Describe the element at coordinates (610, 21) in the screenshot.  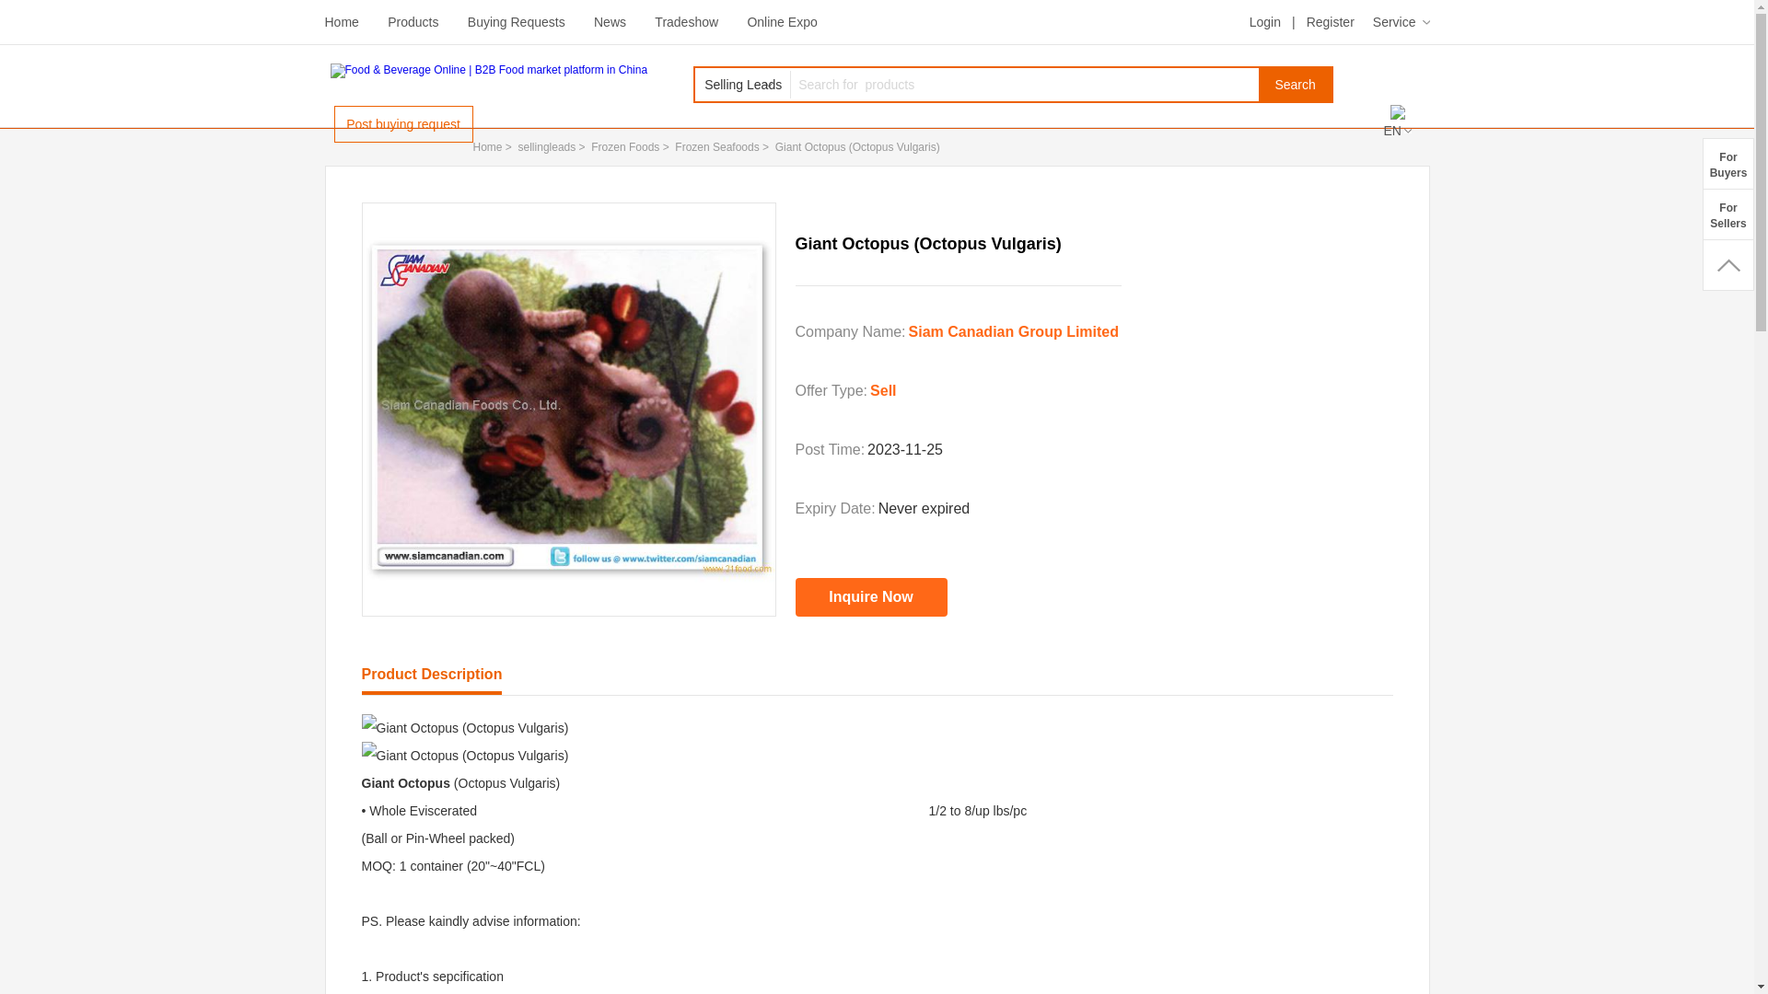
I see `'News'` at that location.